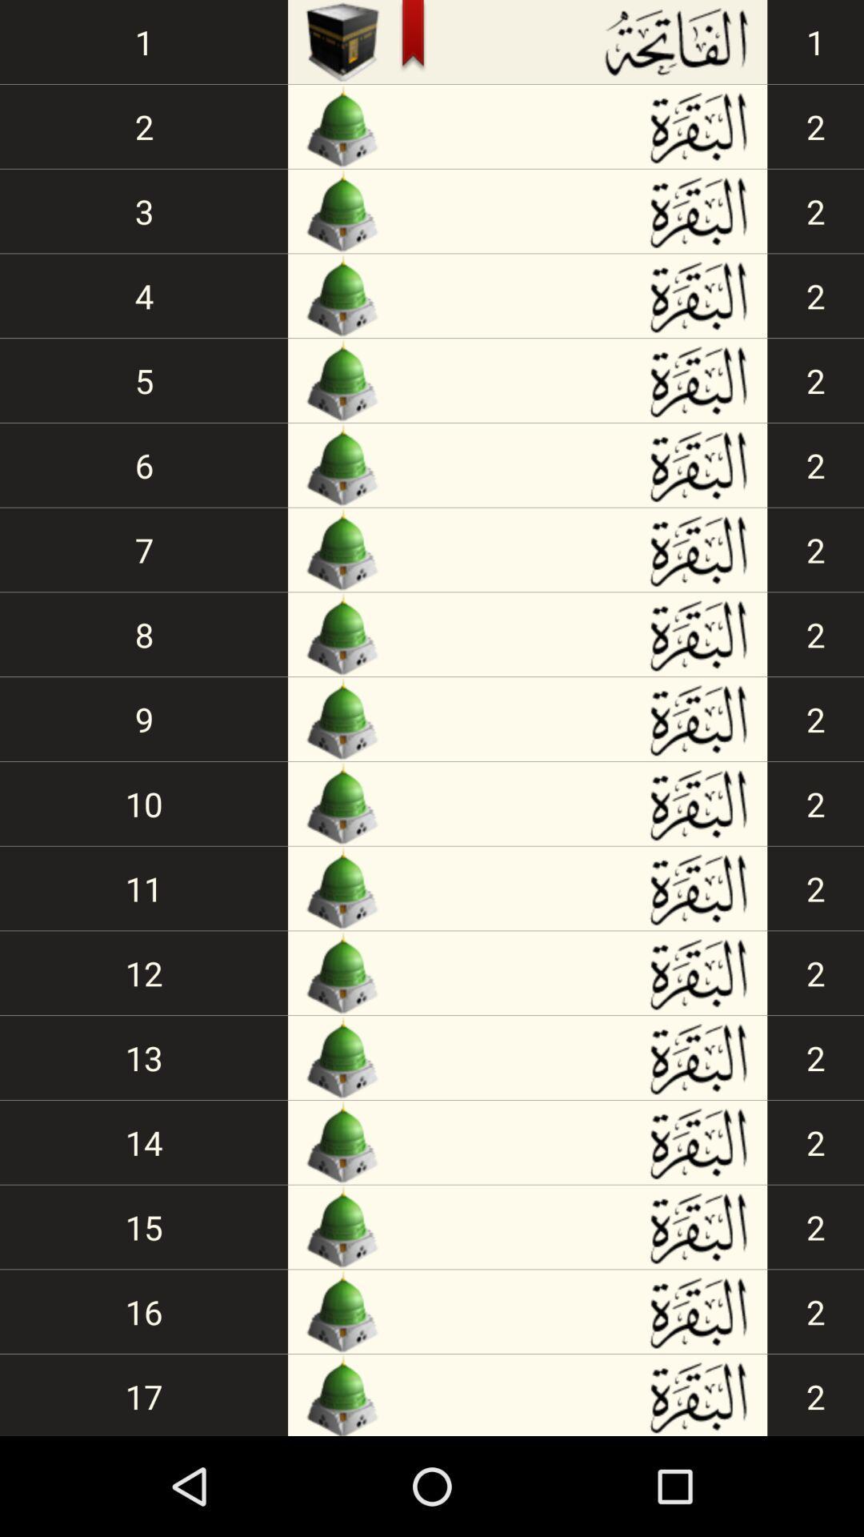 This screenshot has width=864, height=1537. Describe the element at coordinates (144, 1311) in the screenshot. I see `the item below the 15 app` at that location.